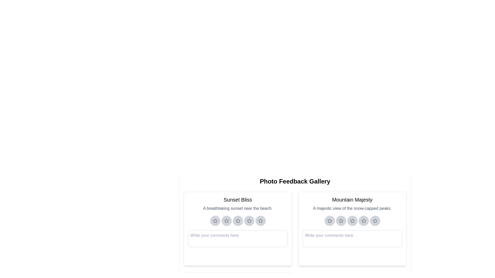 This screenshot has width=495, height=278. Describe the element at coordinates (237, 256) in the screenshot. I see `the feedback submission button located at the bottom center of the 'Sunset Bliss' card` at that location.